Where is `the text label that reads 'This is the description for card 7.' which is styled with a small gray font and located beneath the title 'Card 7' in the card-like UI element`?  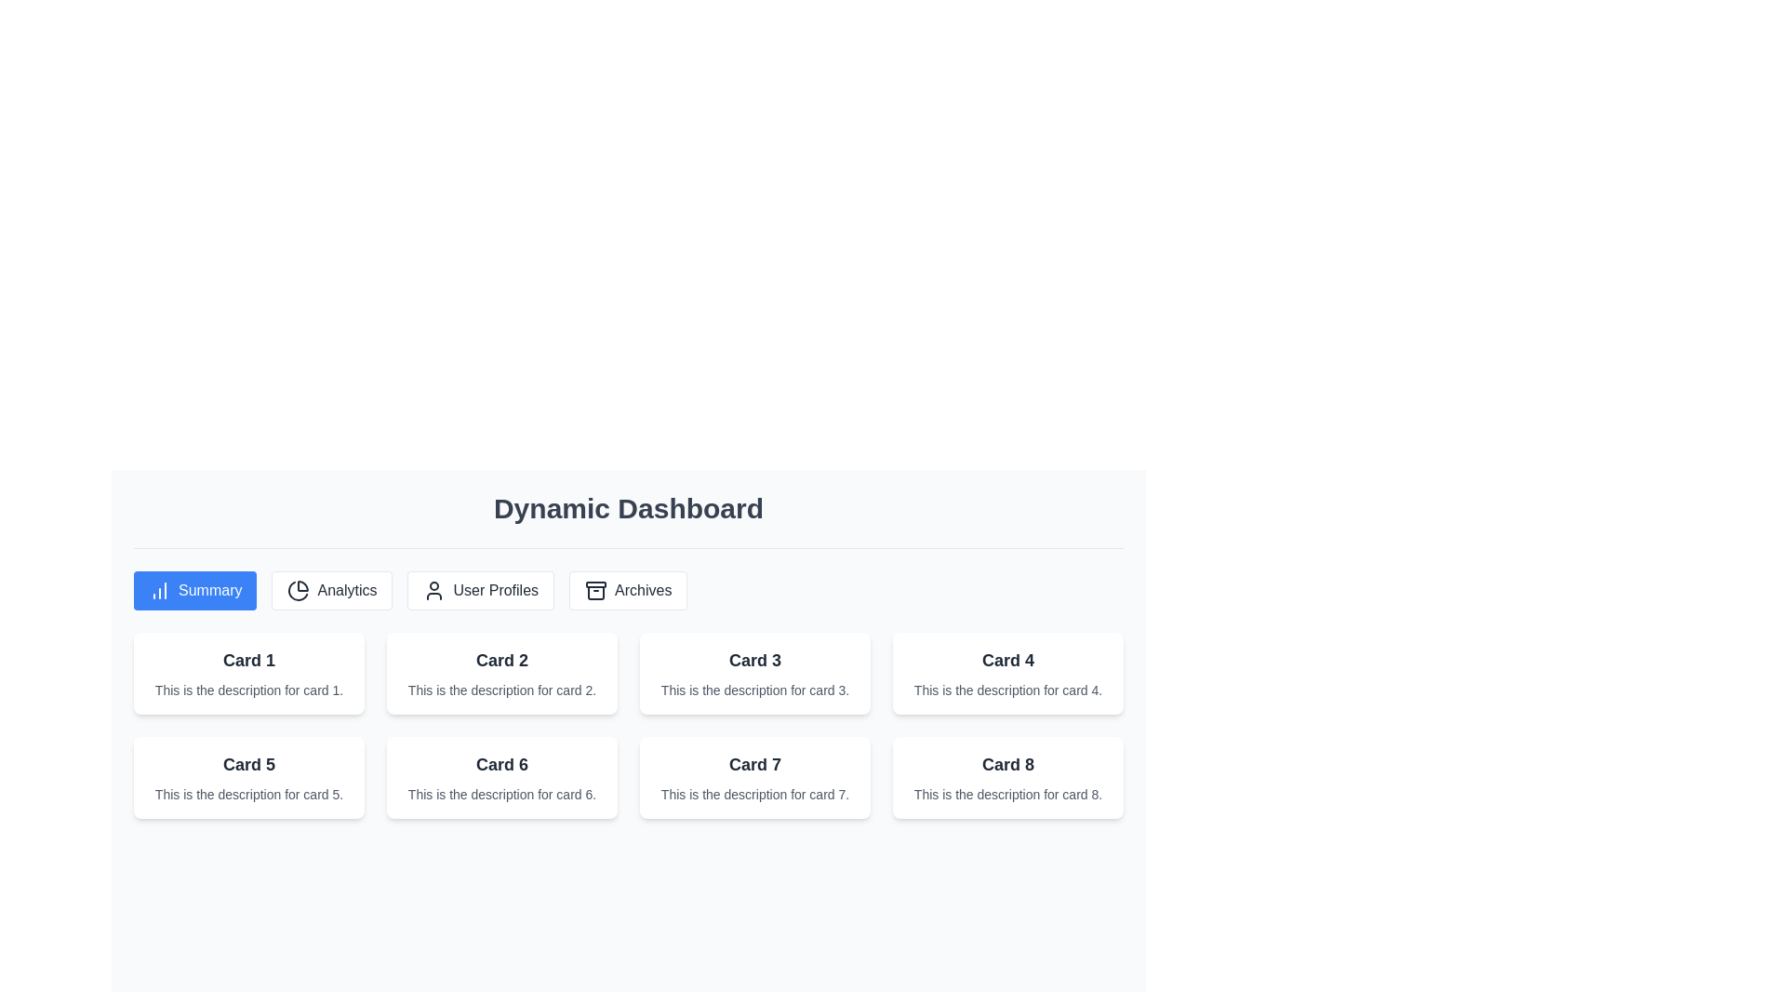 the text label that reads 'This is the description for card 7.' which is styled with a small gray font and located beneath the title 'Card 7' in the card-like UI element is located at coordinates (754, 794).